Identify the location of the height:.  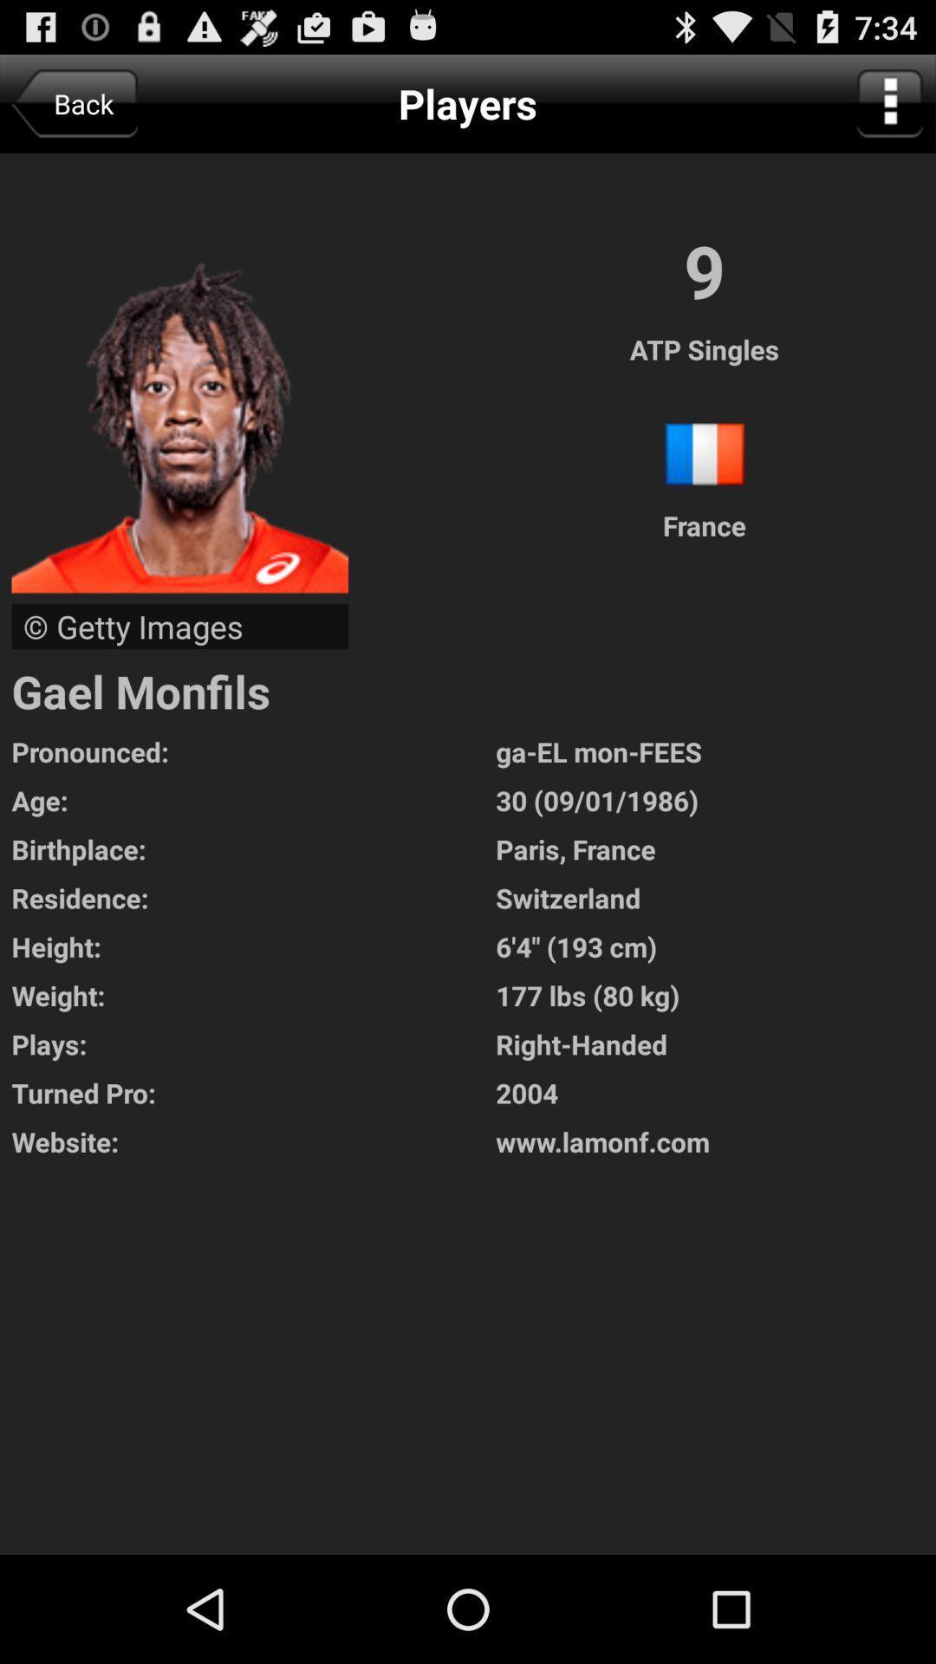
(253, 946).